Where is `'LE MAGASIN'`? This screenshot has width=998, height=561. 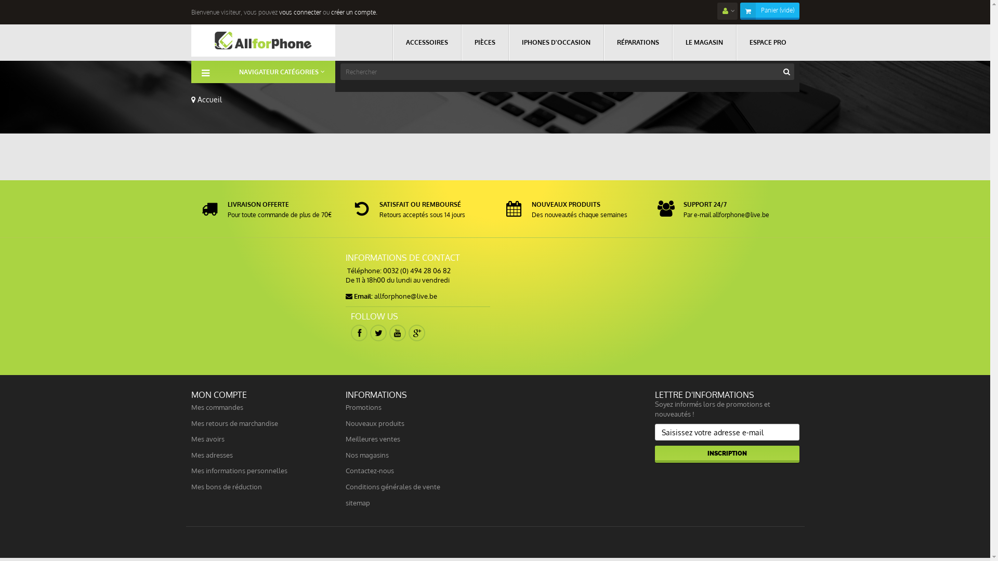 'LE MAGASIN' is located at coordinates (703, 42).